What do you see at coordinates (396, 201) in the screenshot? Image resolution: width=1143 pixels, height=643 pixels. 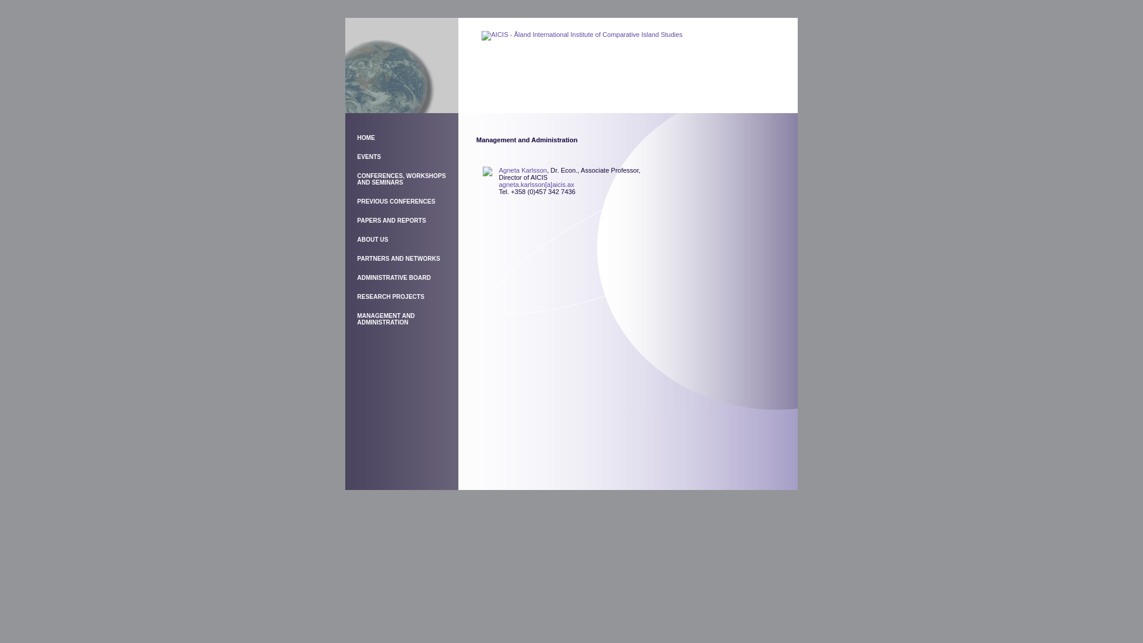 I see `'PREVIOUS CONFERENCES'` at bounding box center [396, 201].